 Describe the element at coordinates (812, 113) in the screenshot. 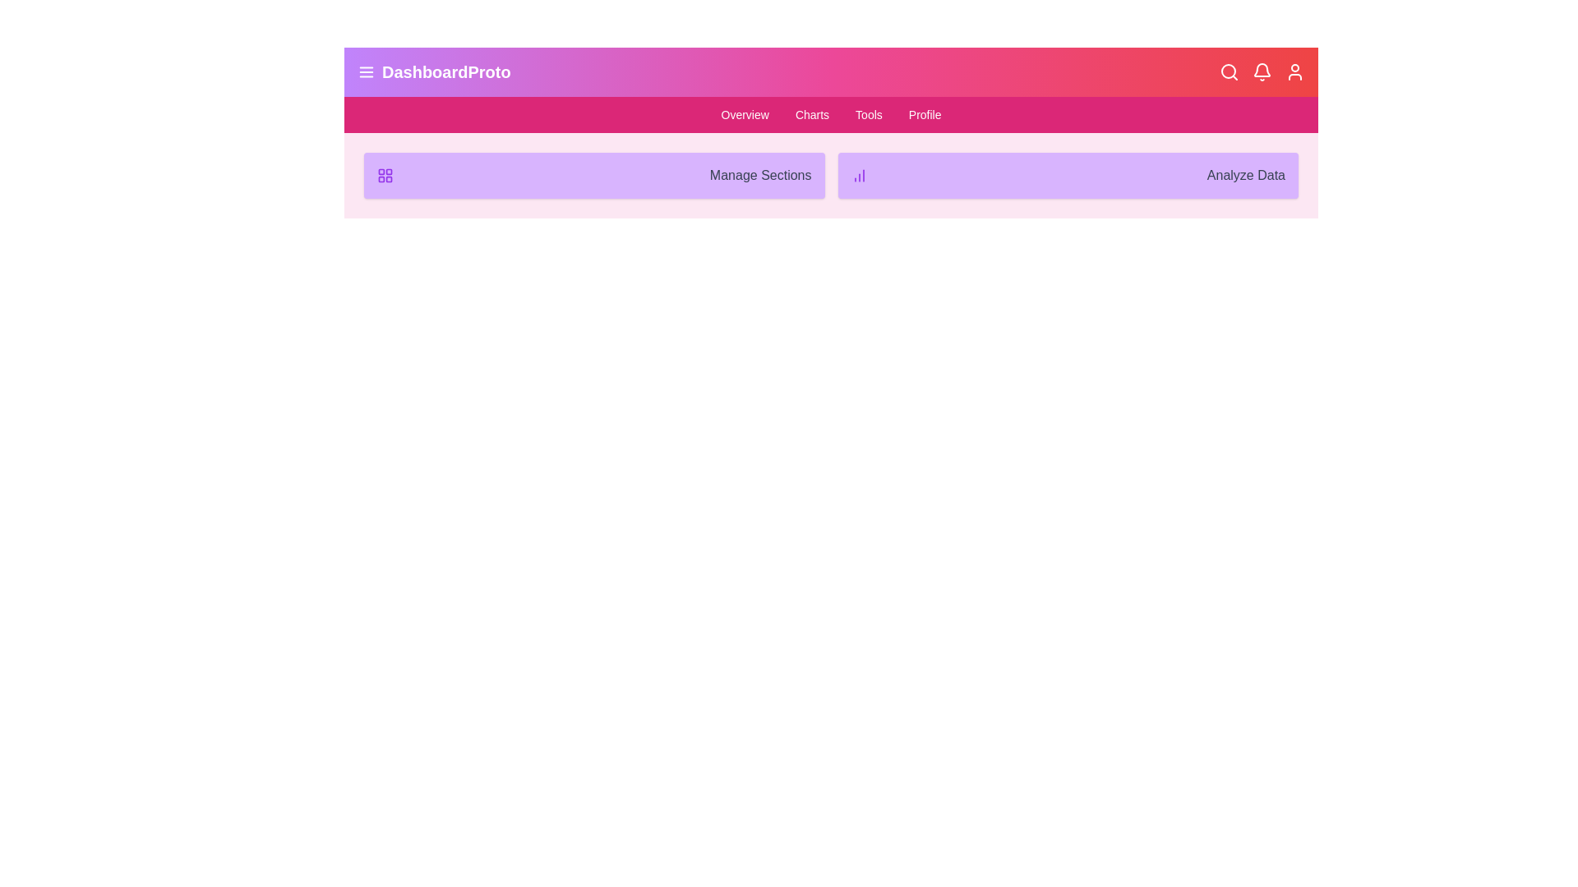

I see `the menu item Charts to navigate to the corresponding section` at that location.